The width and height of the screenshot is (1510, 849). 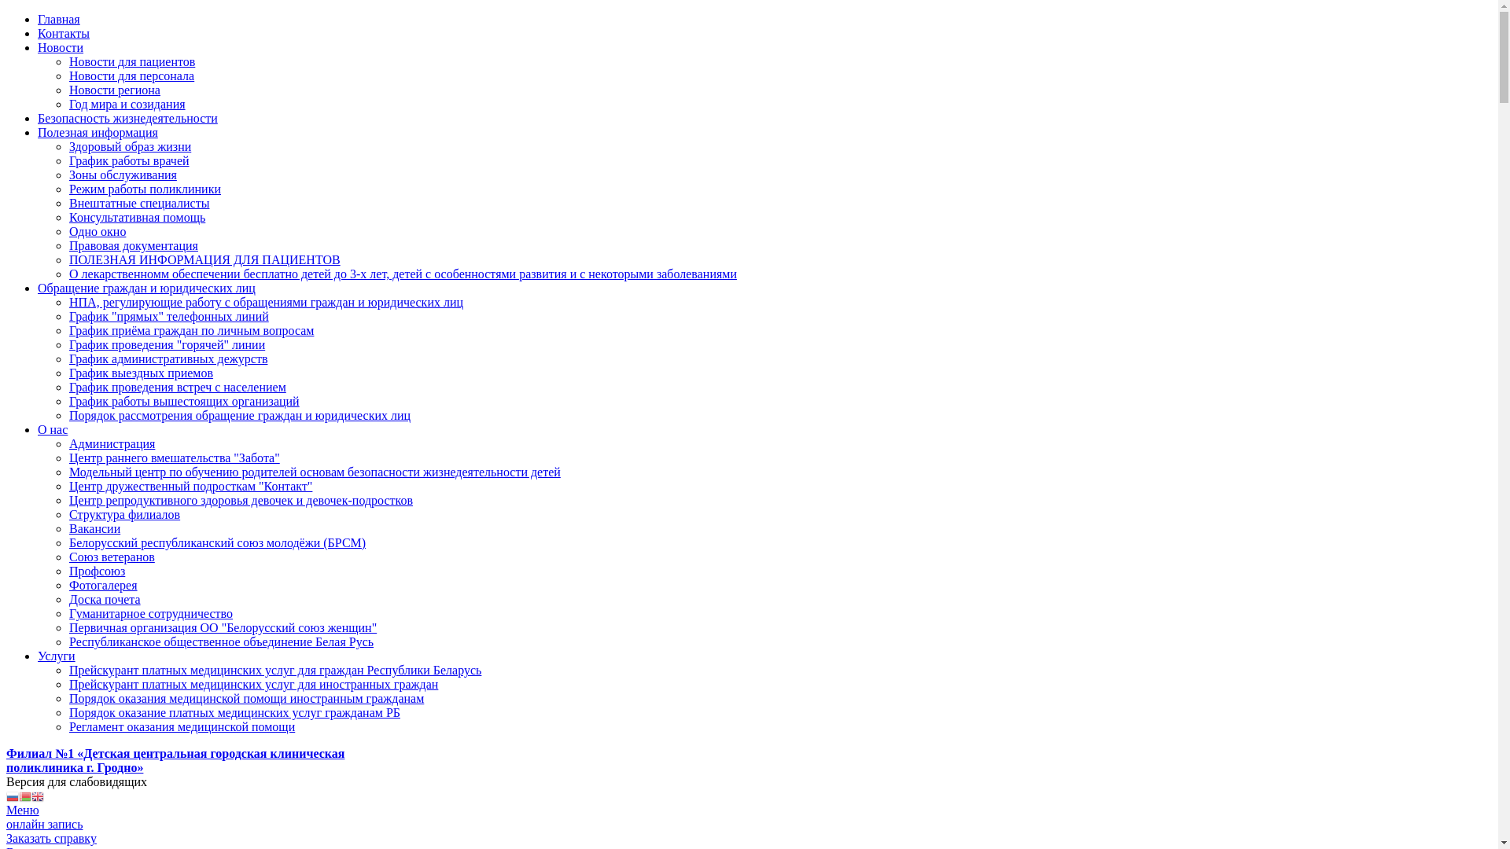 I want to click on 'English', so click(x=38, y=796).